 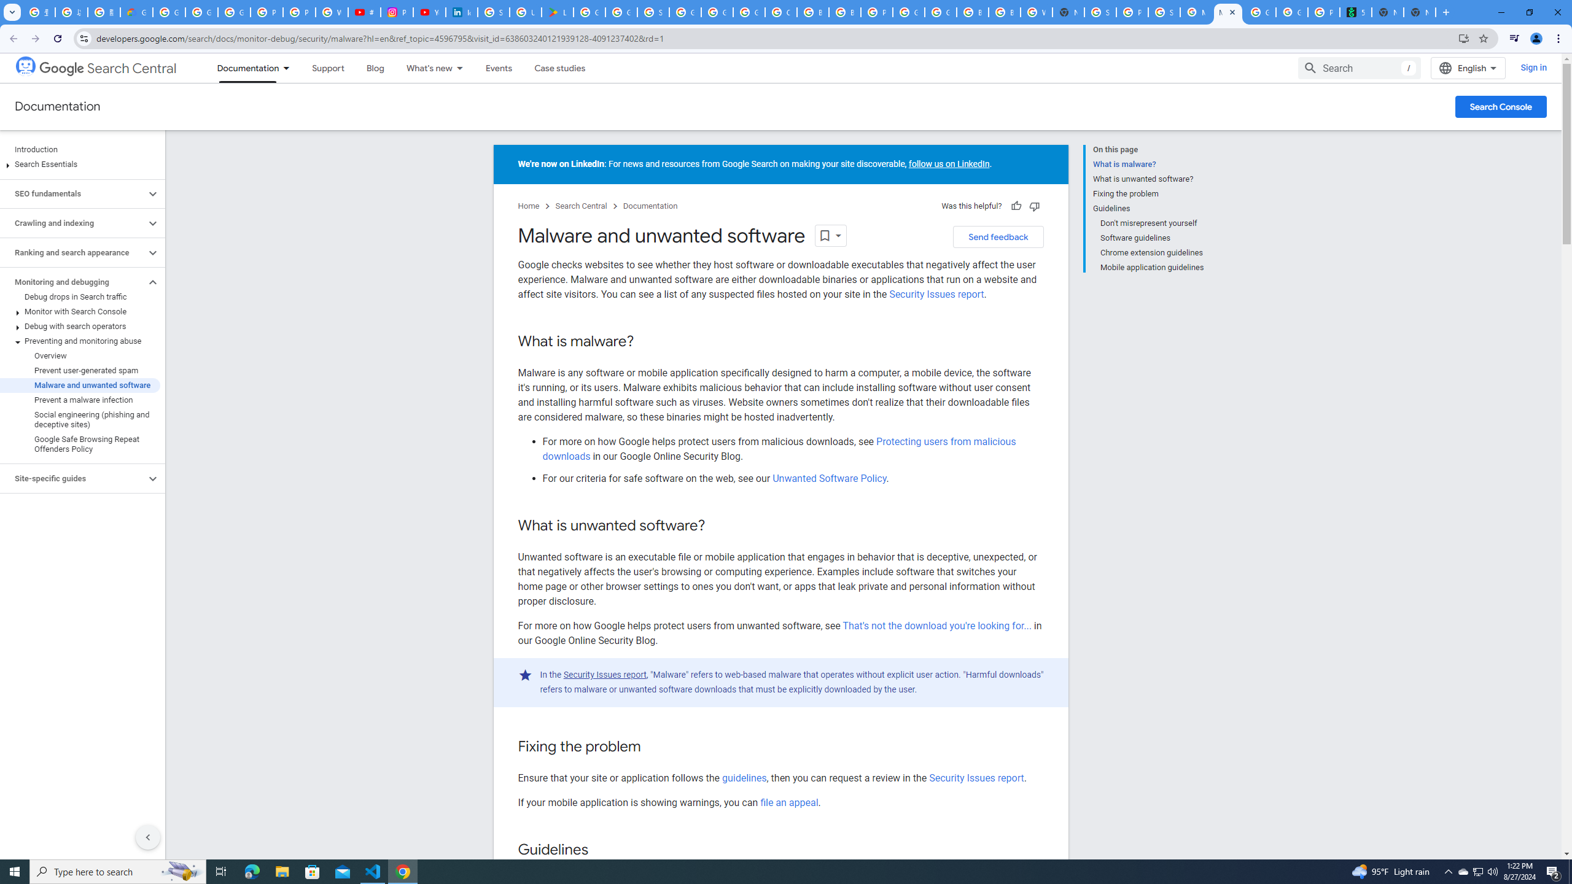 I want to click on 'Preventing and monitoring abuse', so click(x=80, y=341).